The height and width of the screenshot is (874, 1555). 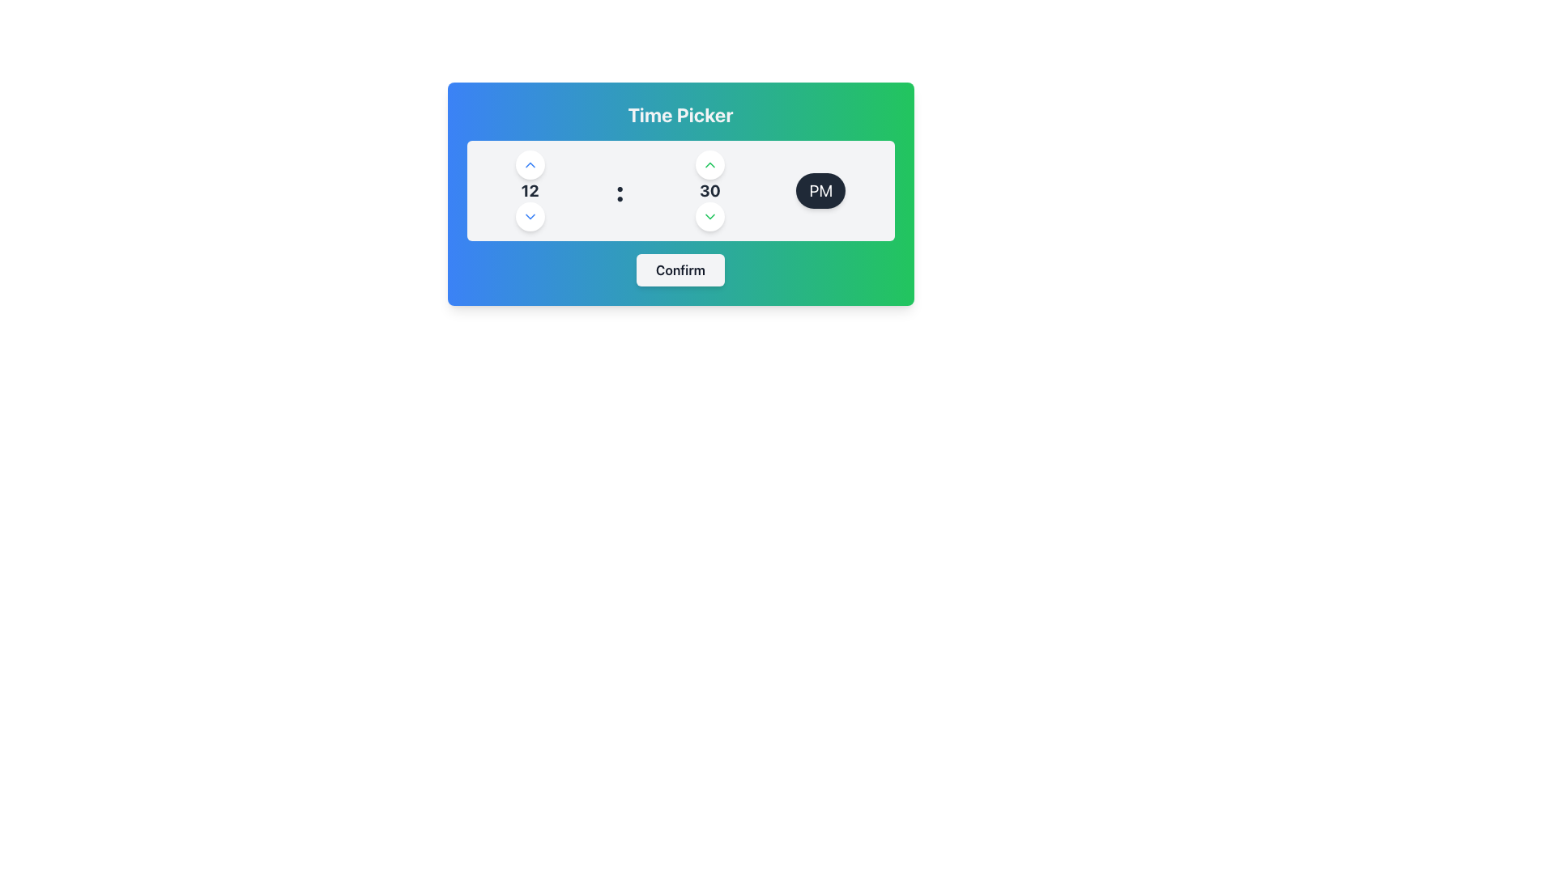 What do you see at coordinates (530, 215) in the screenshot?
I see `the Chevron icon within the circular button located below the '12' time selector in the time picker interface` at bounding box center [530, 215].